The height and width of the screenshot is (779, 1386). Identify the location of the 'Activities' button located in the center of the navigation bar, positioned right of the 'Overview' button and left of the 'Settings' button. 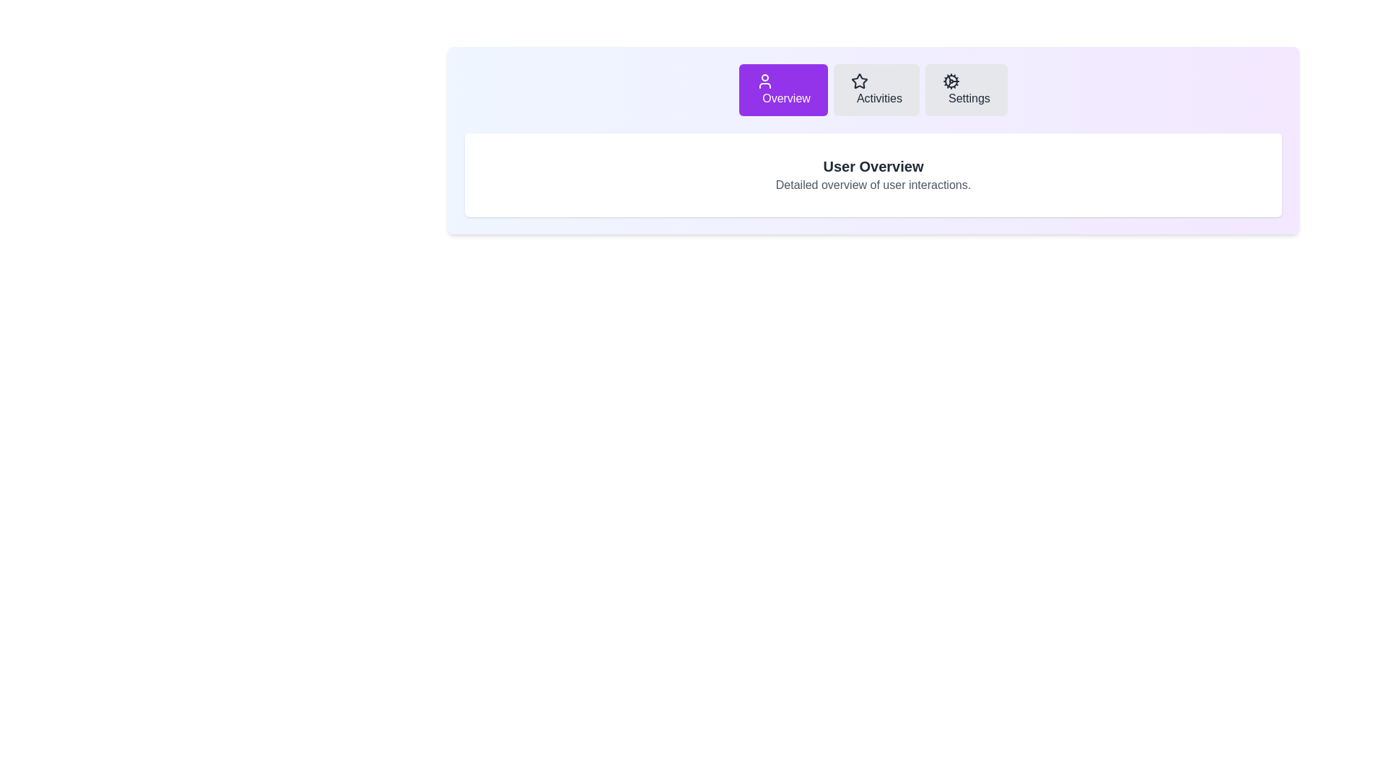
(876, 89).